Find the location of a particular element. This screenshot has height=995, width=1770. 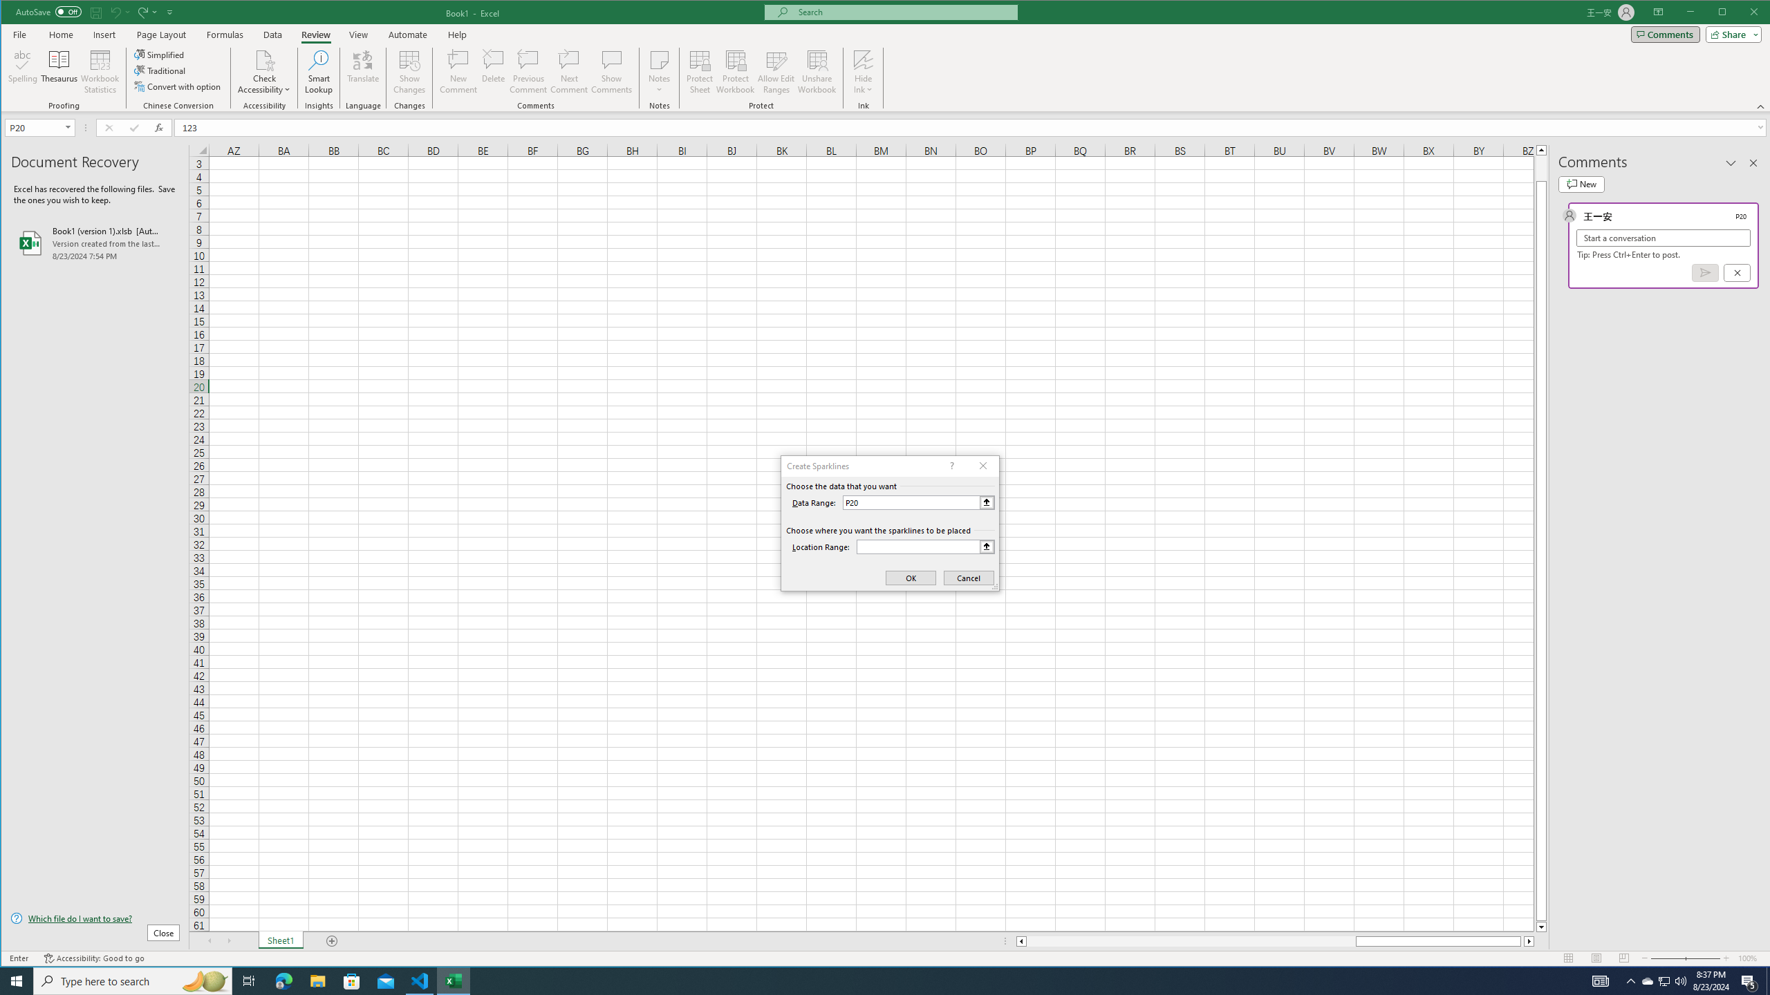

'Thesaurus...' is located at coordinates (59, 71).